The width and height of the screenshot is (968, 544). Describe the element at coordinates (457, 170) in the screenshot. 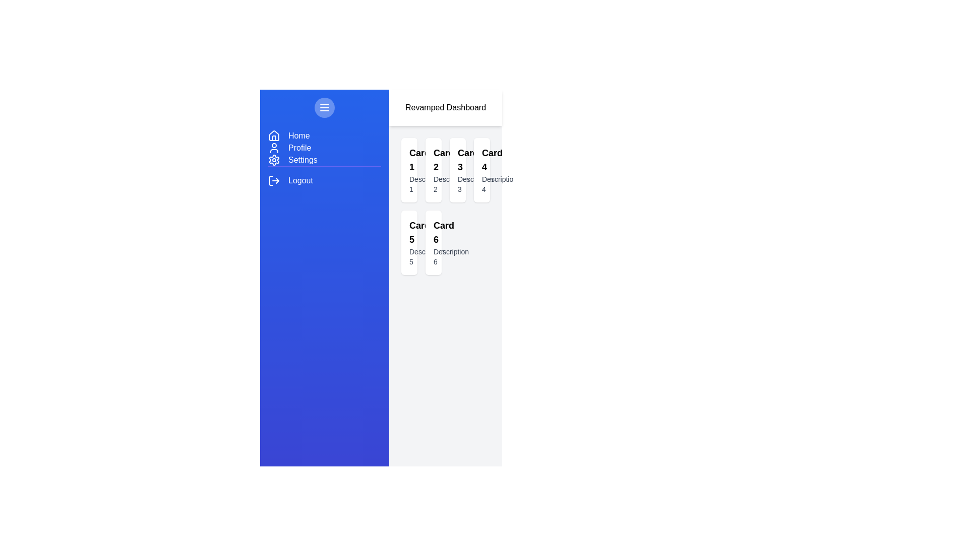

I see `the visual information card located in the third column of the first row, positioned between 'Card 2' and 'Card 4'` at that location.